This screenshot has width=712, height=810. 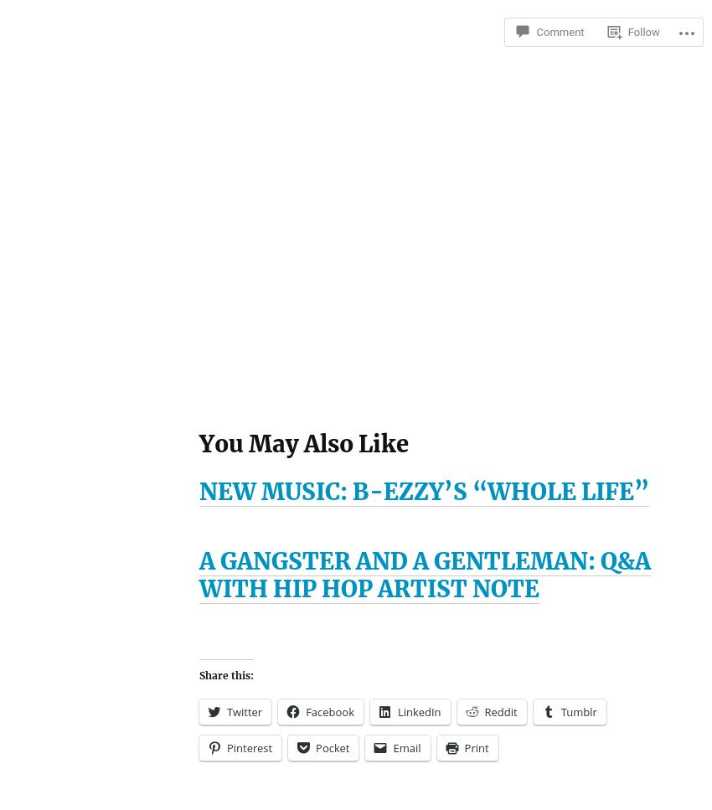 What do you see at coordinates (642, 31) in the screenshot?
I see `'Follow'` at bounding box center [642, 31].